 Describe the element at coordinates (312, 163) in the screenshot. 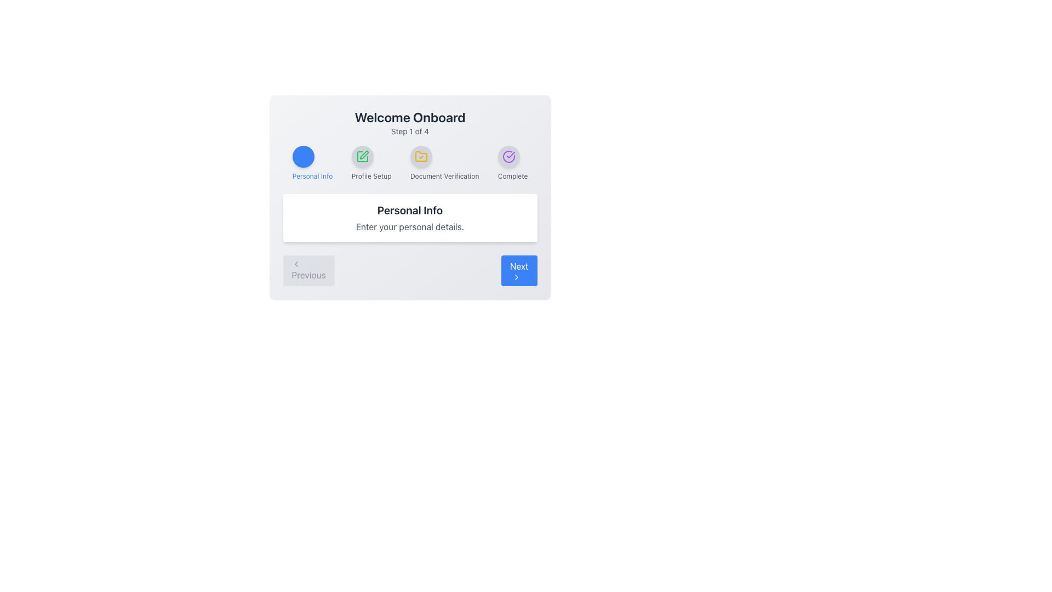

I see `the 'Personal Info' step indicator` at that location.